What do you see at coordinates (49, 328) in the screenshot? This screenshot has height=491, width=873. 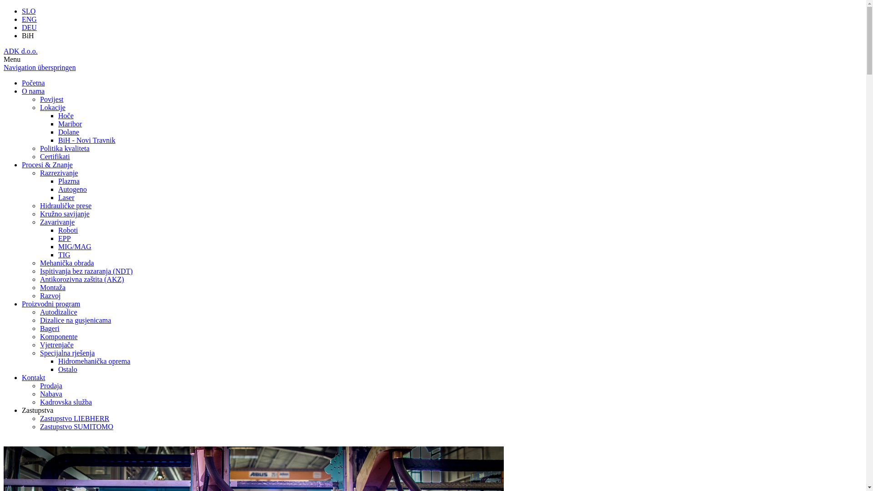 I see `'Bageri'` at bounding box center [49, 328].